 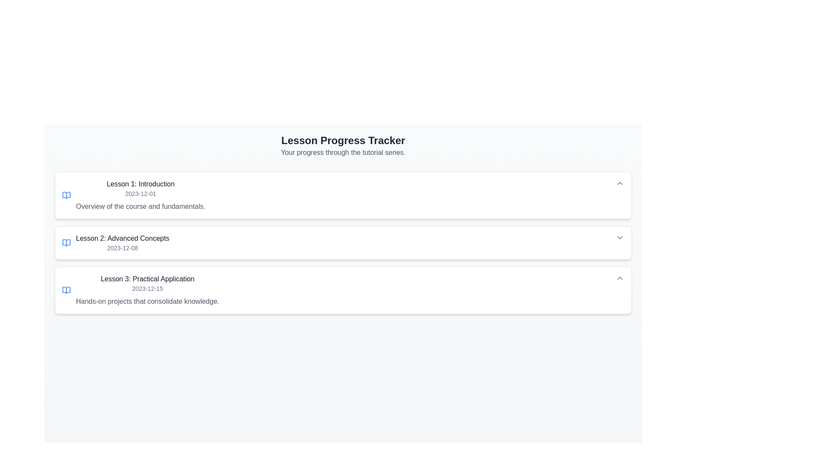 I want to click on the Static Text Label that serves as a title for the lesson progress tracker, located above the text 'Your progress through the tutorial series.', so click(x=343, y=140).